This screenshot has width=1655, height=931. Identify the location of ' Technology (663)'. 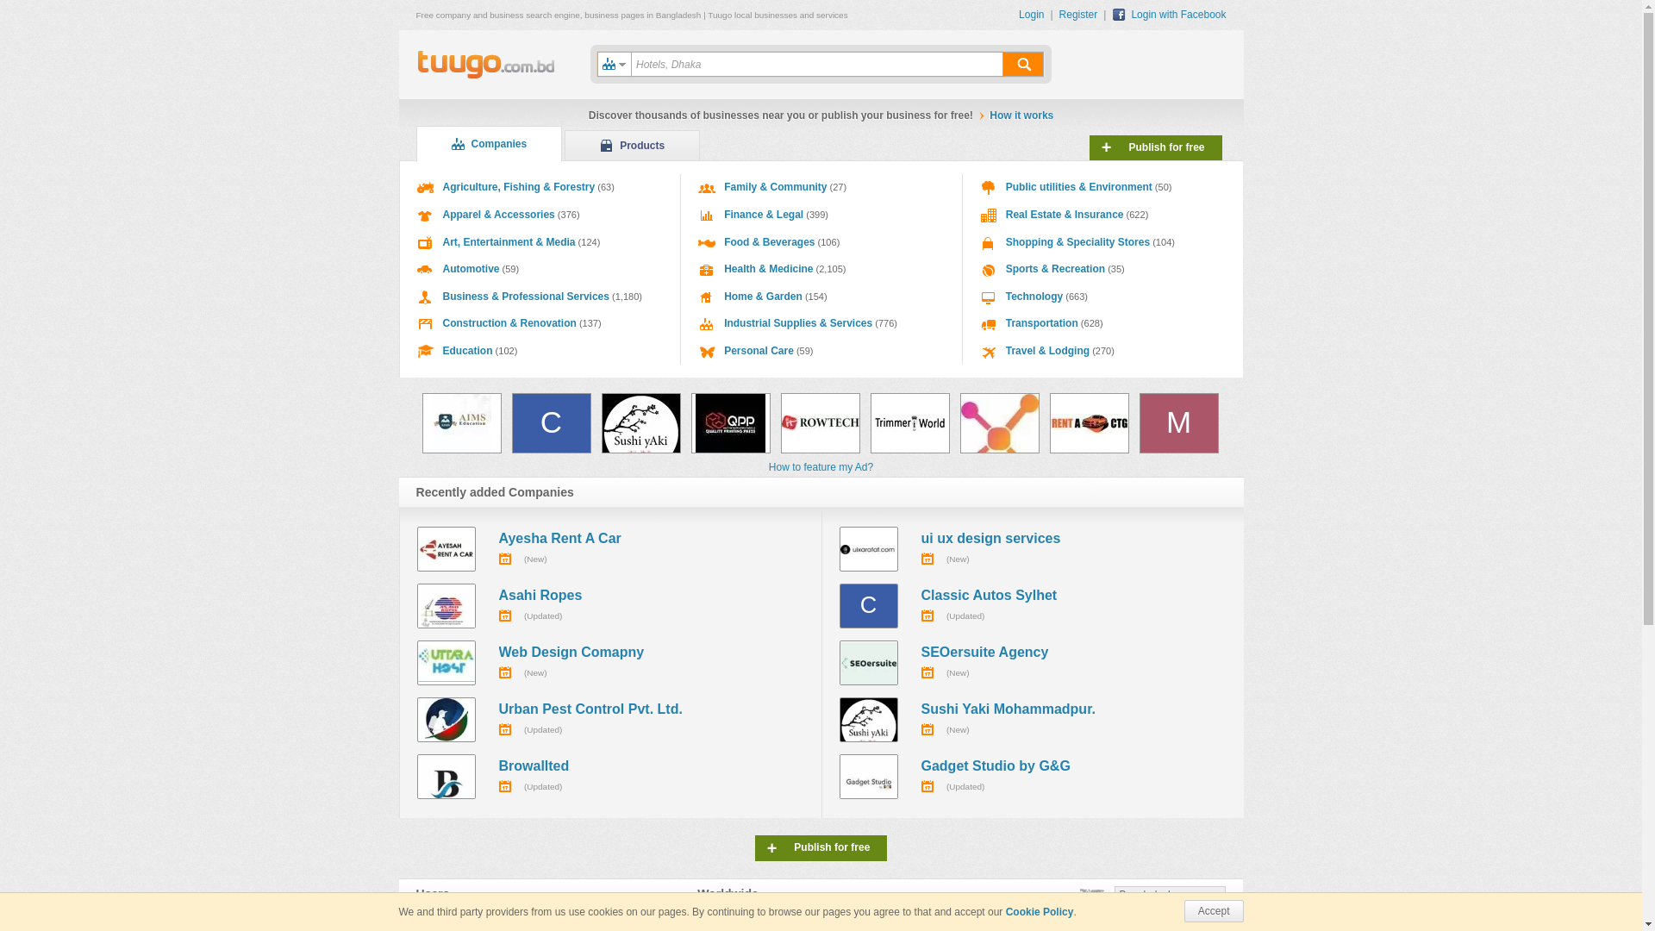
(1103, 296).